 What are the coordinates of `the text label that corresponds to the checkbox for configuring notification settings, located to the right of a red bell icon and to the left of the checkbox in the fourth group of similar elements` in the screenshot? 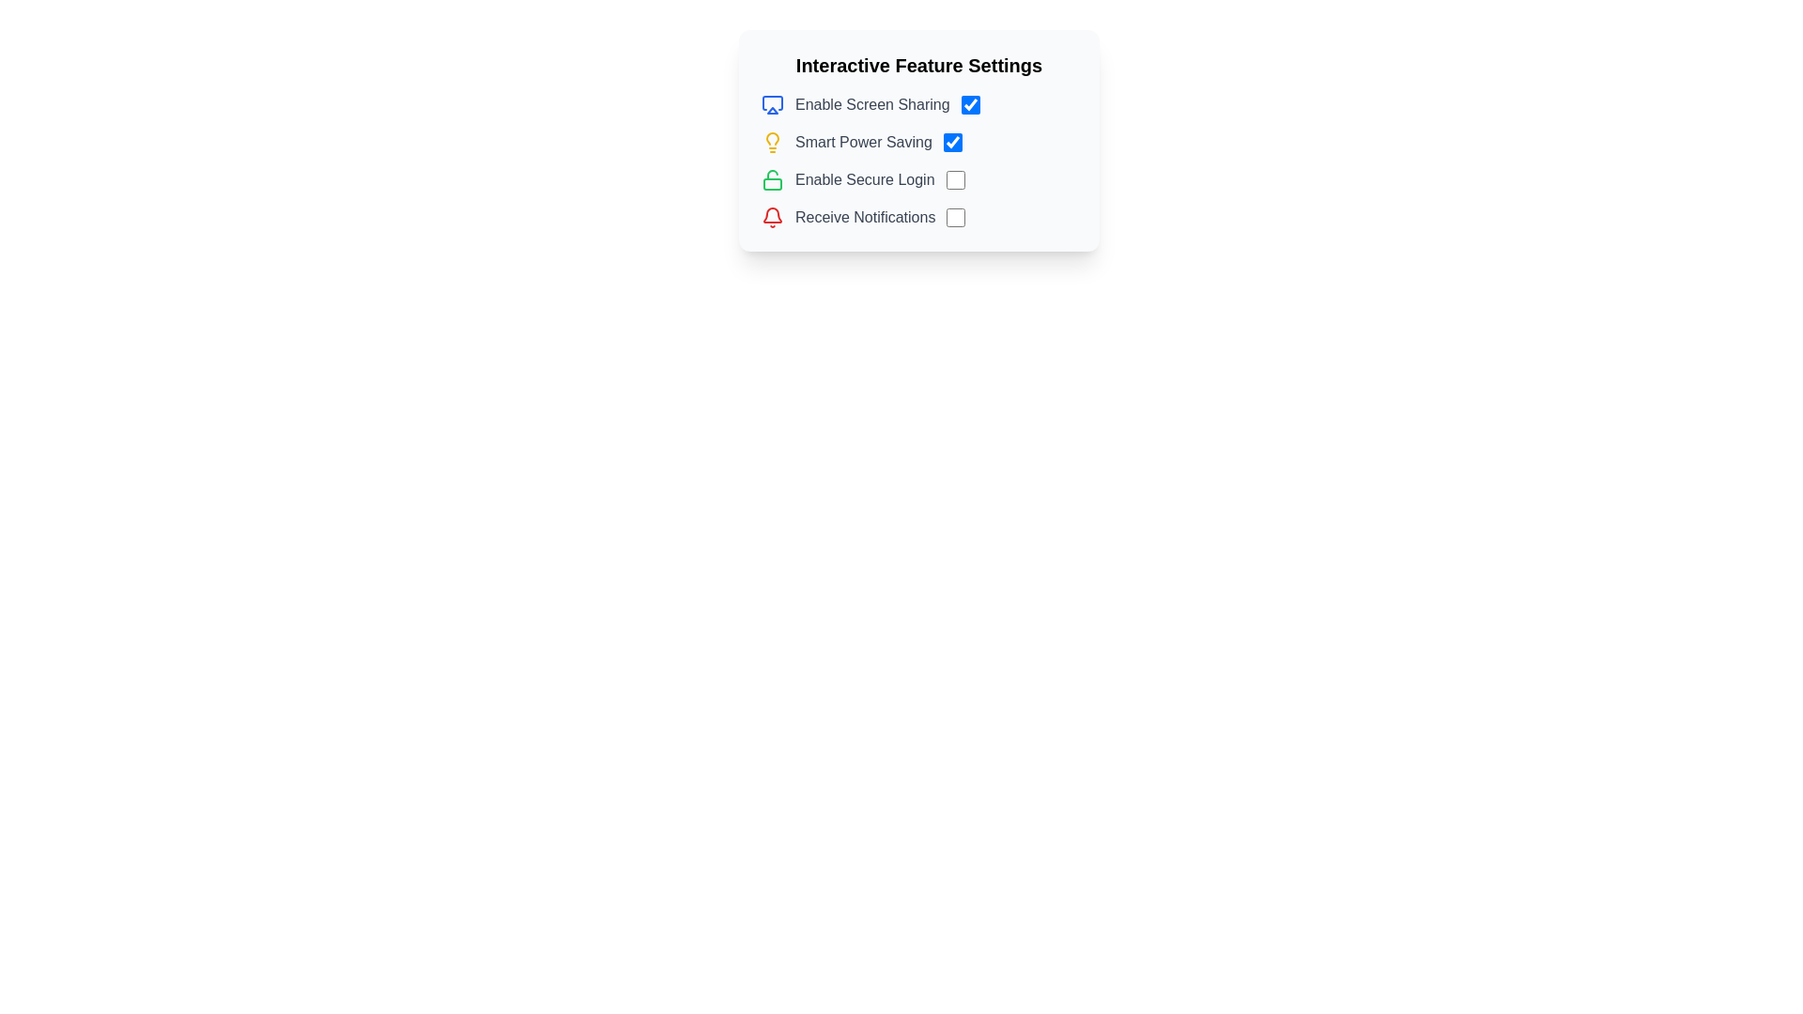 It's located at (864, 216).